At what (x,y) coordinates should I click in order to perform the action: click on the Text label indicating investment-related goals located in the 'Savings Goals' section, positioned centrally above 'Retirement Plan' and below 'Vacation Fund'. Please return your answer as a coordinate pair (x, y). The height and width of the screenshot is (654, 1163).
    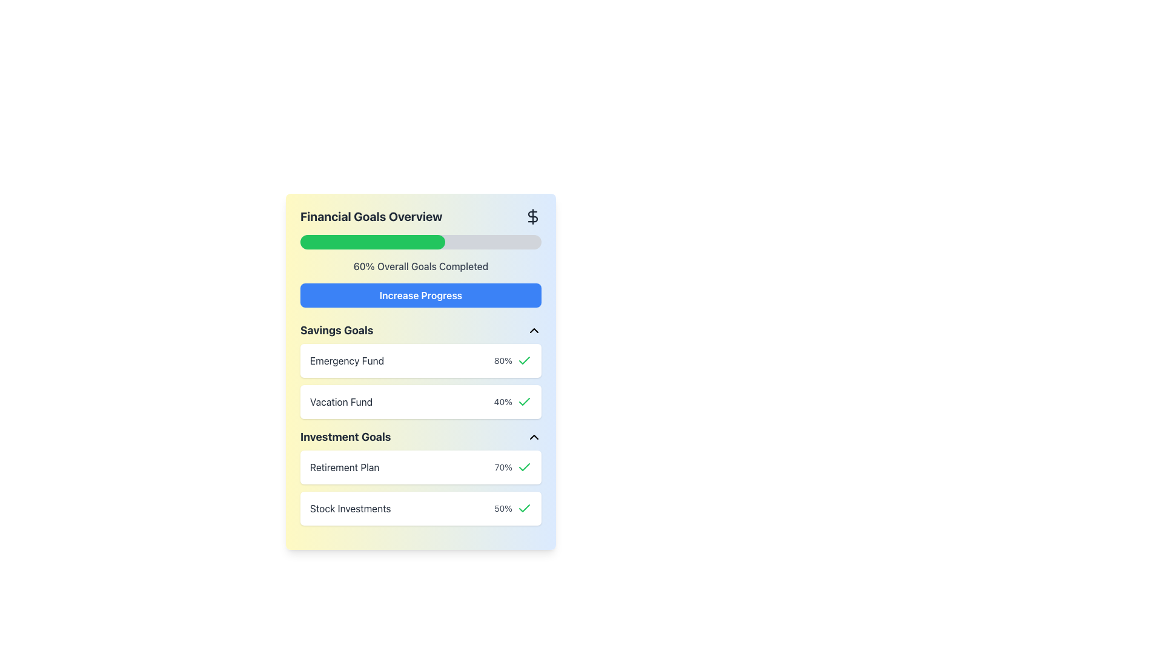
    Looking at the image, I should click on (345, 437).